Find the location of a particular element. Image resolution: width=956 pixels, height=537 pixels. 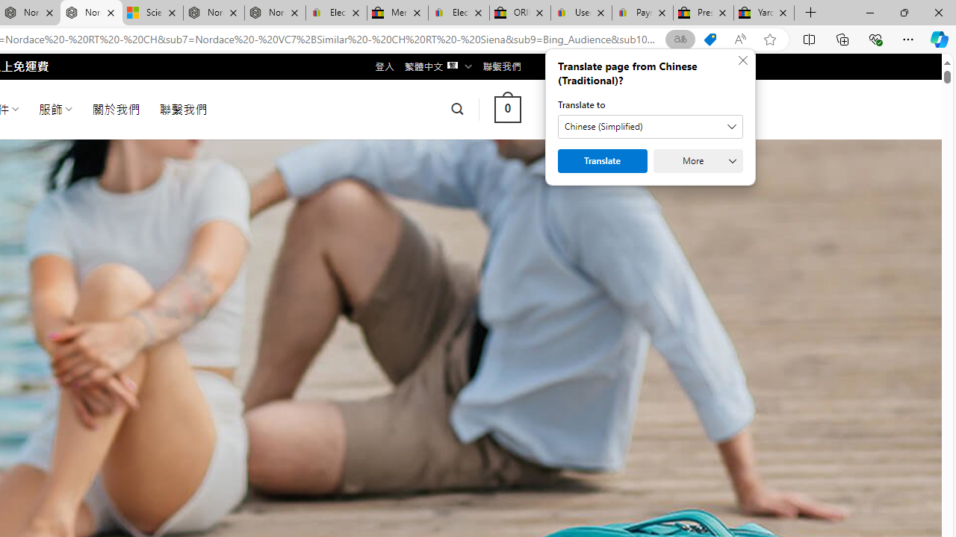

'Nordace - FAQ' is located at coordinates (275, 13).